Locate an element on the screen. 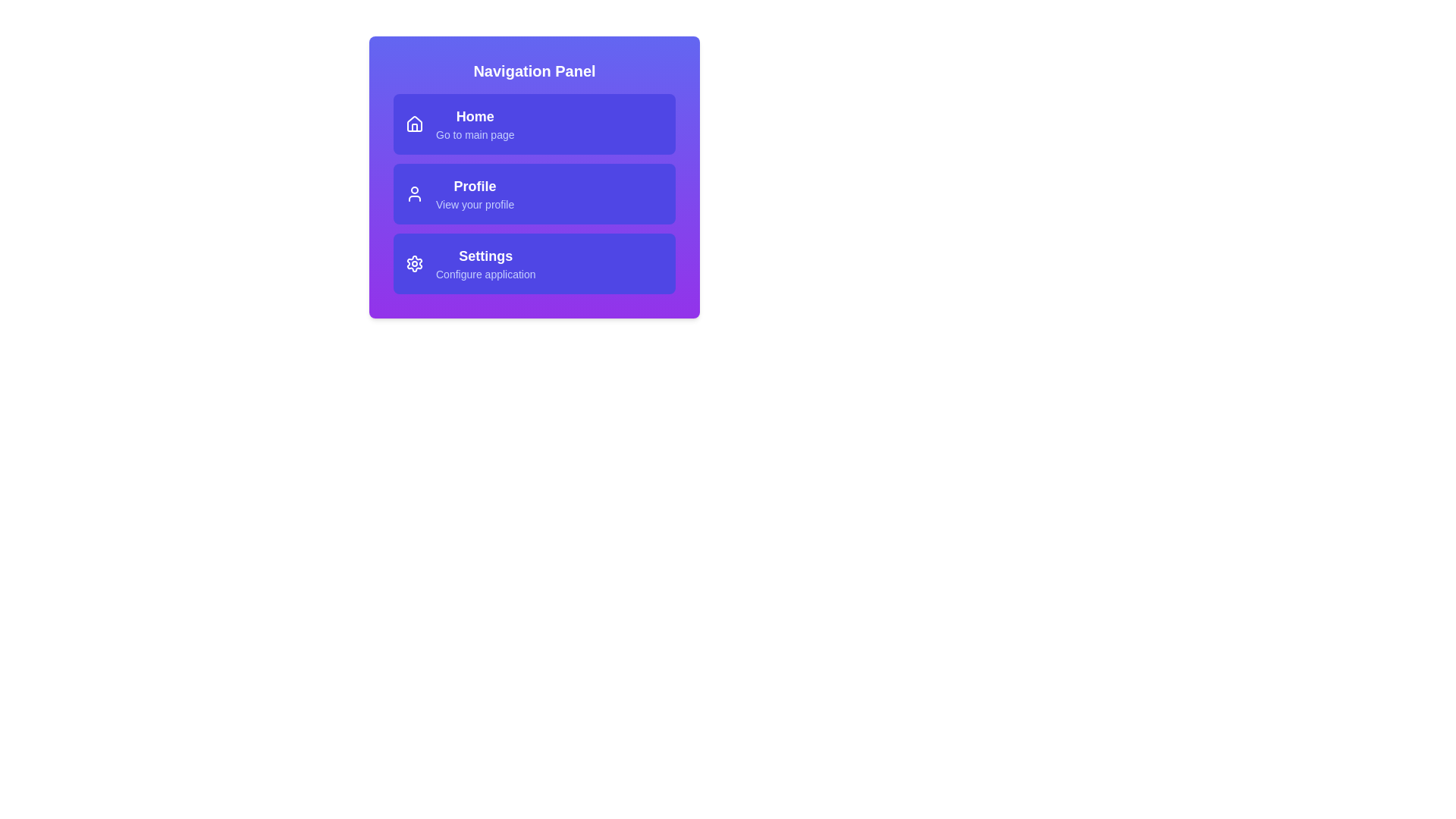  the navigation item Settings is located at coordinates (535, 262).